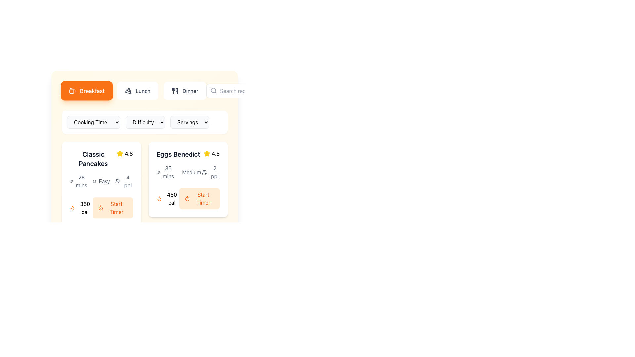 The height and width of the screenshot is (357, 635). Describe the element at coordinates (93, 159) in the screenshot. I see `the text label displaying the recipe name located at the top-left part of the card structure, to read the displayed text` at that location.